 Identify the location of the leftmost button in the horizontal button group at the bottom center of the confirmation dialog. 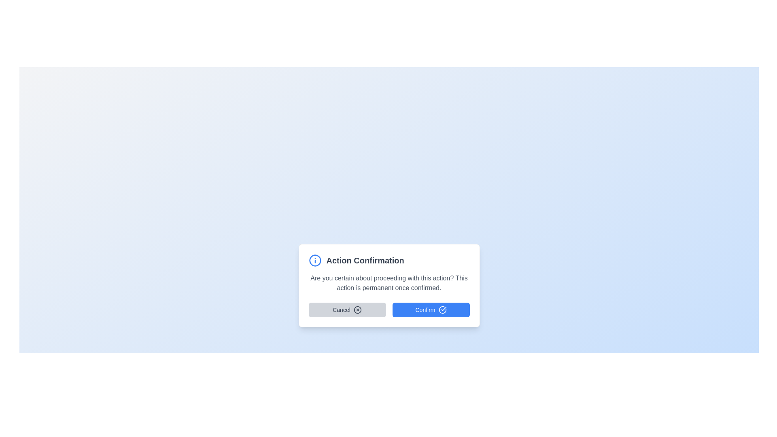
(347, 310).